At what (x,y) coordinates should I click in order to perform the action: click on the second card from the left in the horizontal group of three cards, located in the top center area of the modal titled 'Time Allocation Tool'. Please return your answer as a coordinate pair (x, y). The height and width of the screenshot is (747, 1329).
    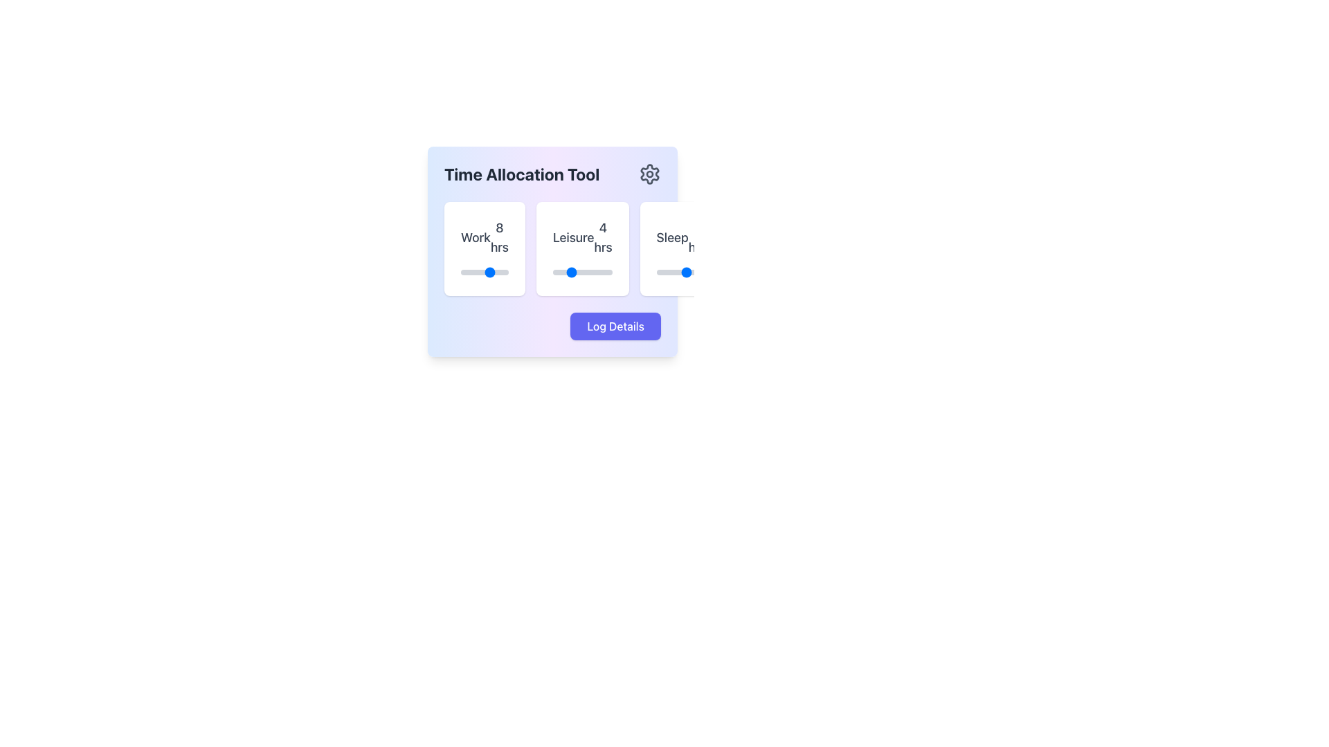
    Looking at the image, I should click on (552, 251).